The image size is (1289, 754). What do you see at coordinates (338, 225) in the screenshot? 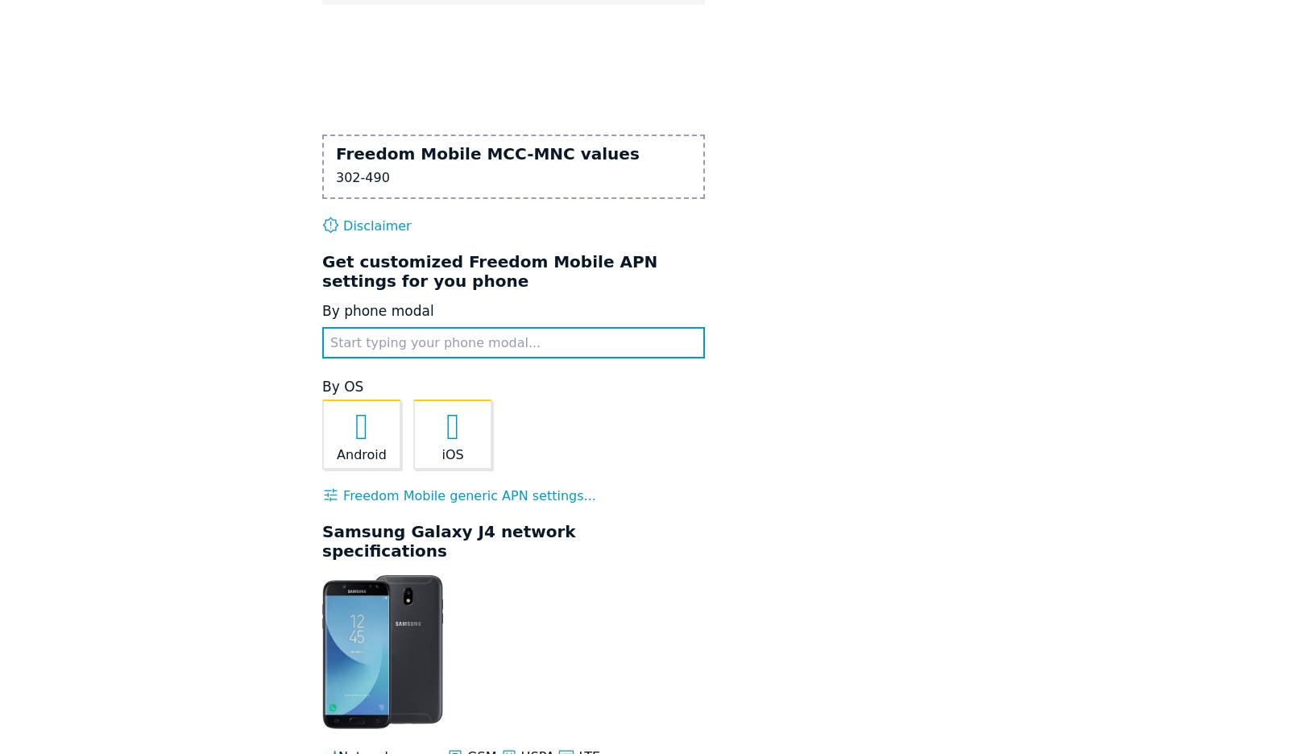
I see `'Disclaimer'` at bounding box center [338, 225].